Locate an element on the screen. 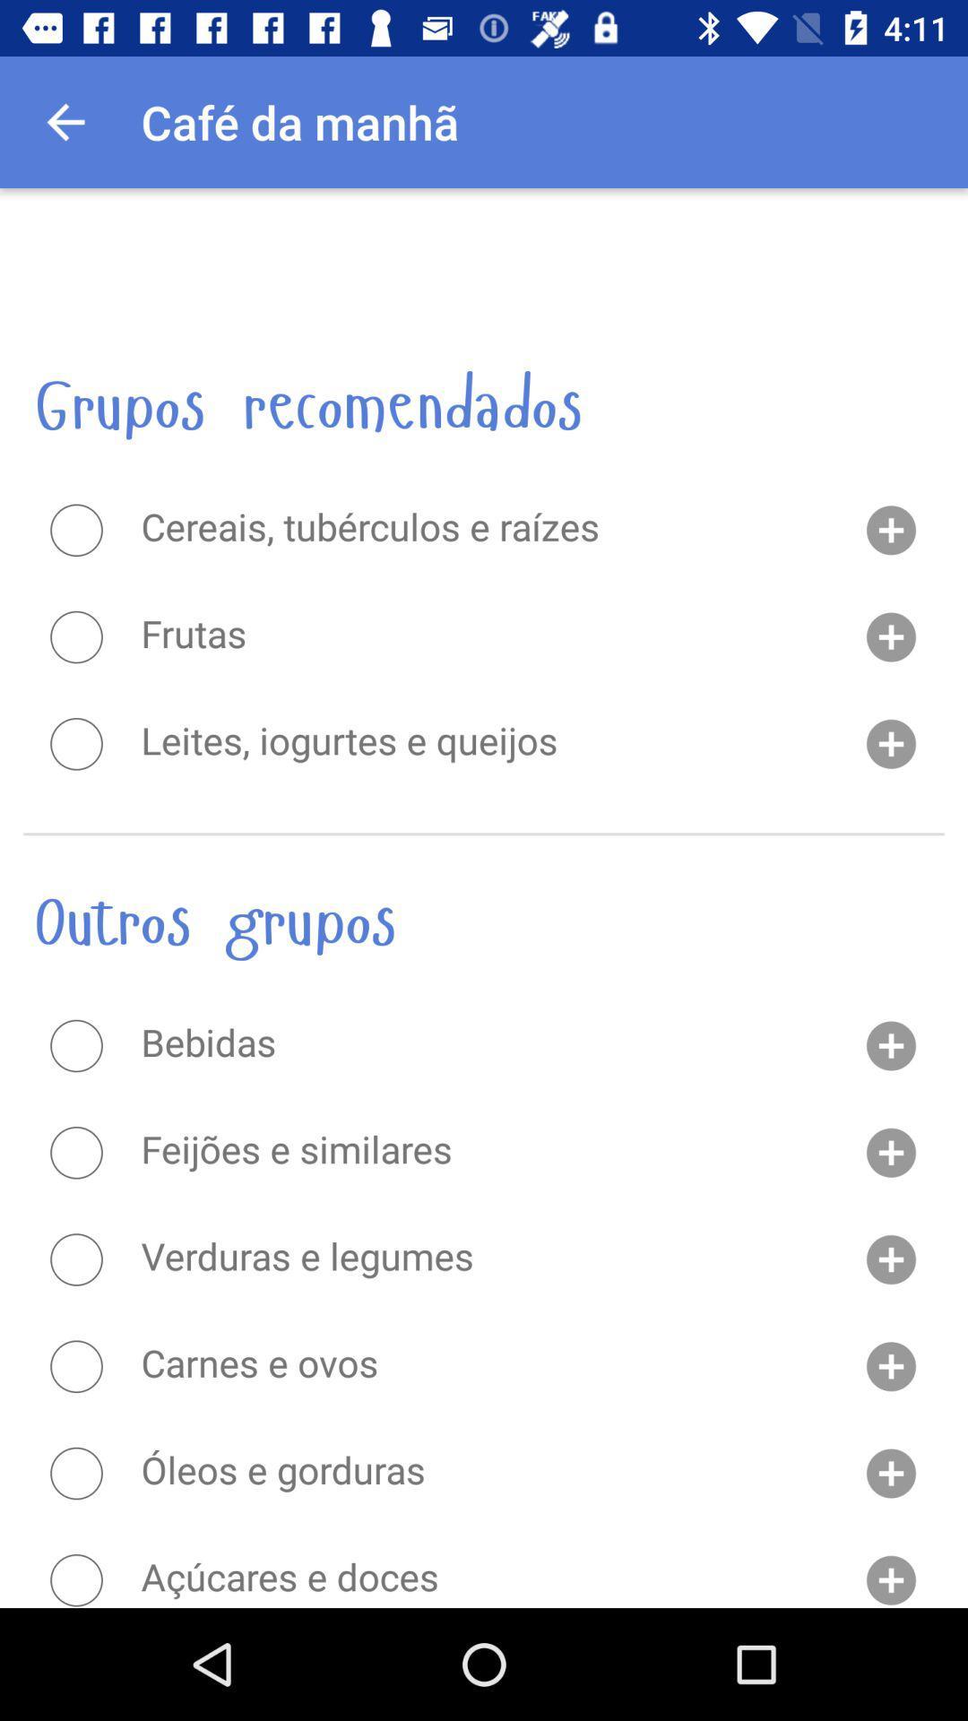 The image size is (968, 1721). send money is located at coordinates (75, 1579).